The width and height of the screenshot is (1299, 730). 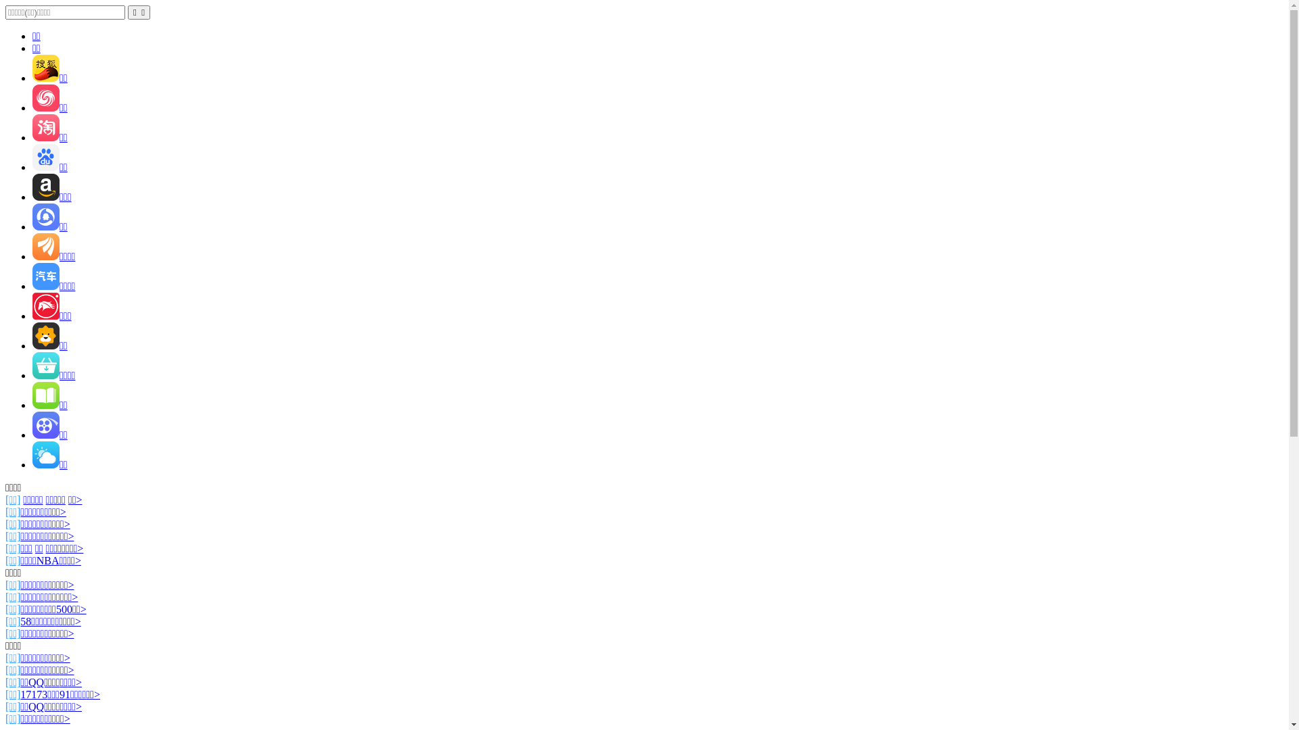 What do you see at coordinates (48, 560) in the screenshot?
I see `'NBA'` at bounding box center [48, 560].